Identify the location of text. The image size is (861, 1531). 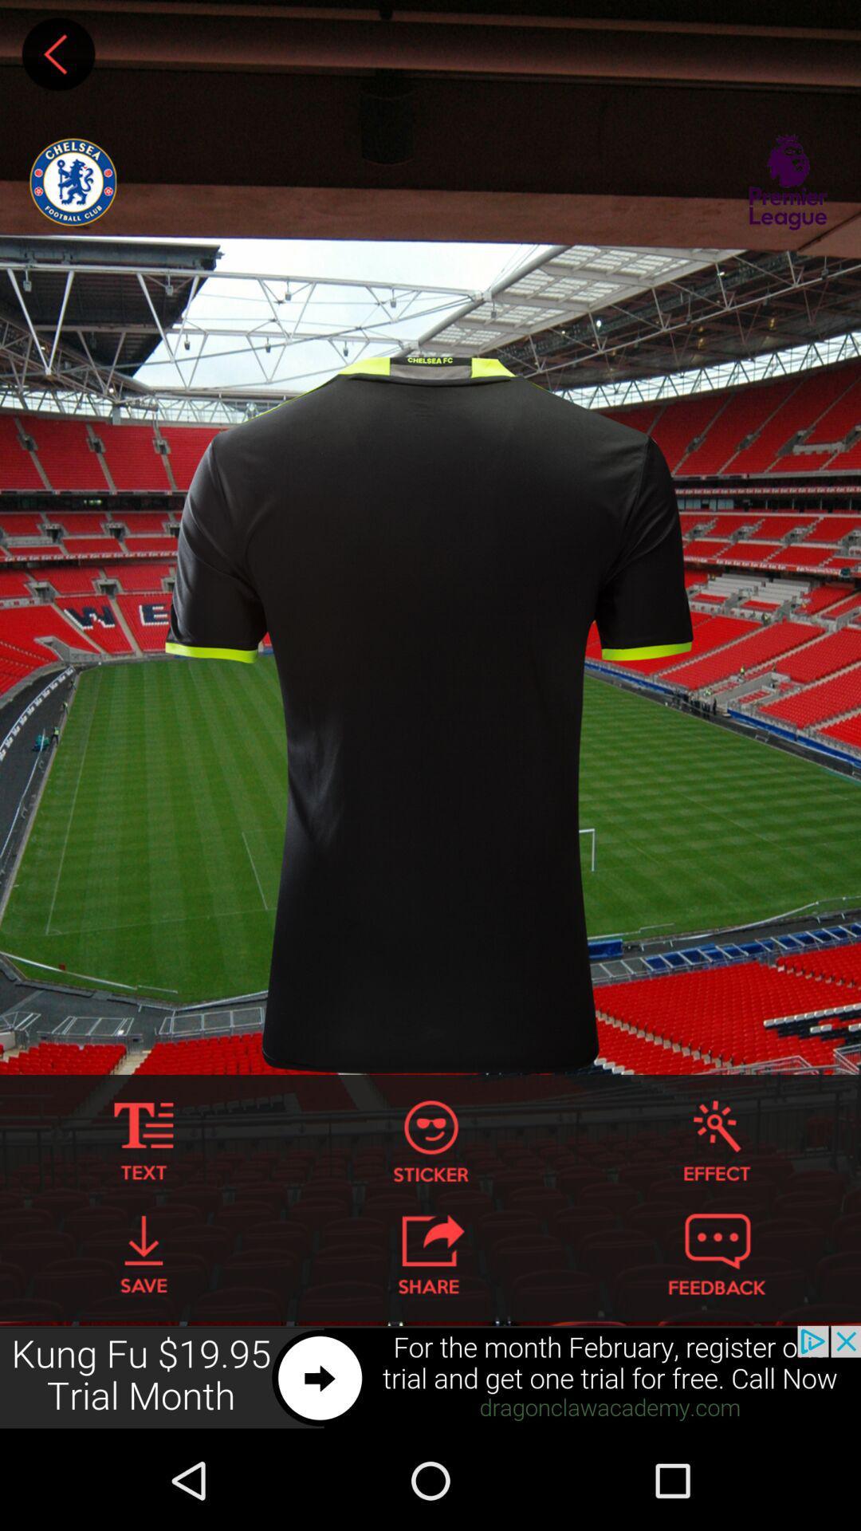
(143, 1140).